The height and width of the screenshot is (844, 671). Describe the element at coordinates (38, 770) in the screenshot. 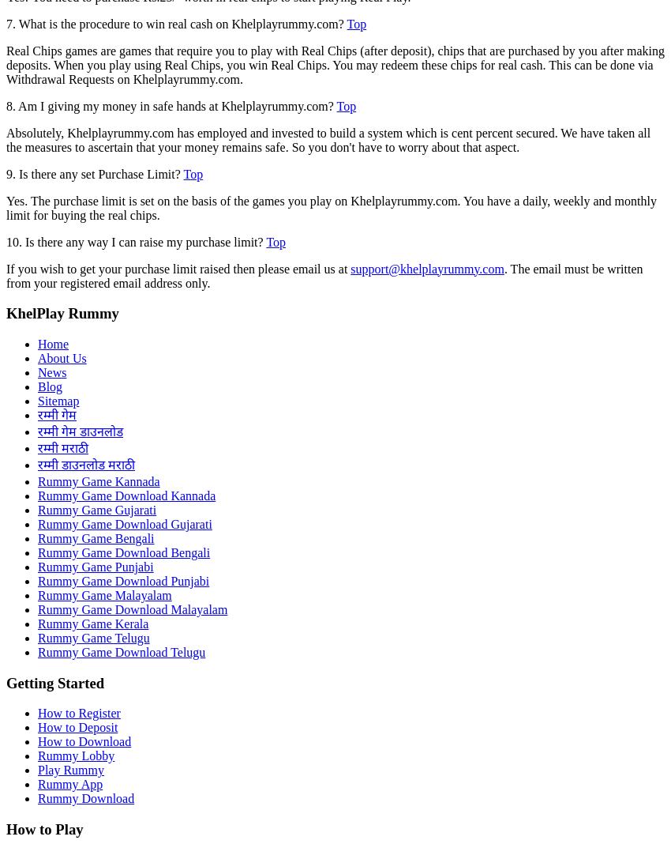

I see `'Play Rummy'` at that location.